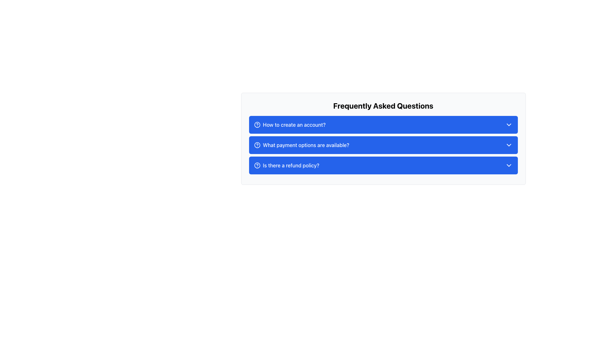  What do you see at coordinates (289, 125) in the screenshot?
I see `the text element that reads 'How to create an account?' which is accompanied by a question mark icon` at bounding box center [289, 125].